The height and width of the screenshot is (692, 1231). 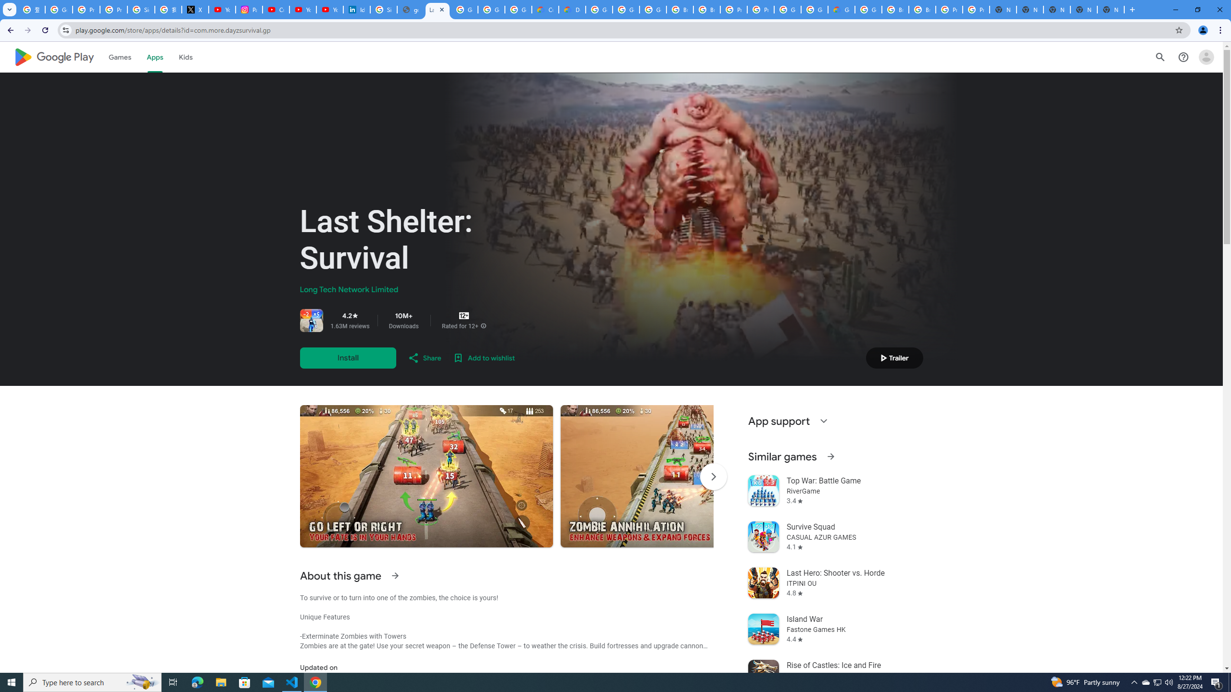 I want to click on 'Google Workspace - Specific Terms', so click(x=491, y=9).